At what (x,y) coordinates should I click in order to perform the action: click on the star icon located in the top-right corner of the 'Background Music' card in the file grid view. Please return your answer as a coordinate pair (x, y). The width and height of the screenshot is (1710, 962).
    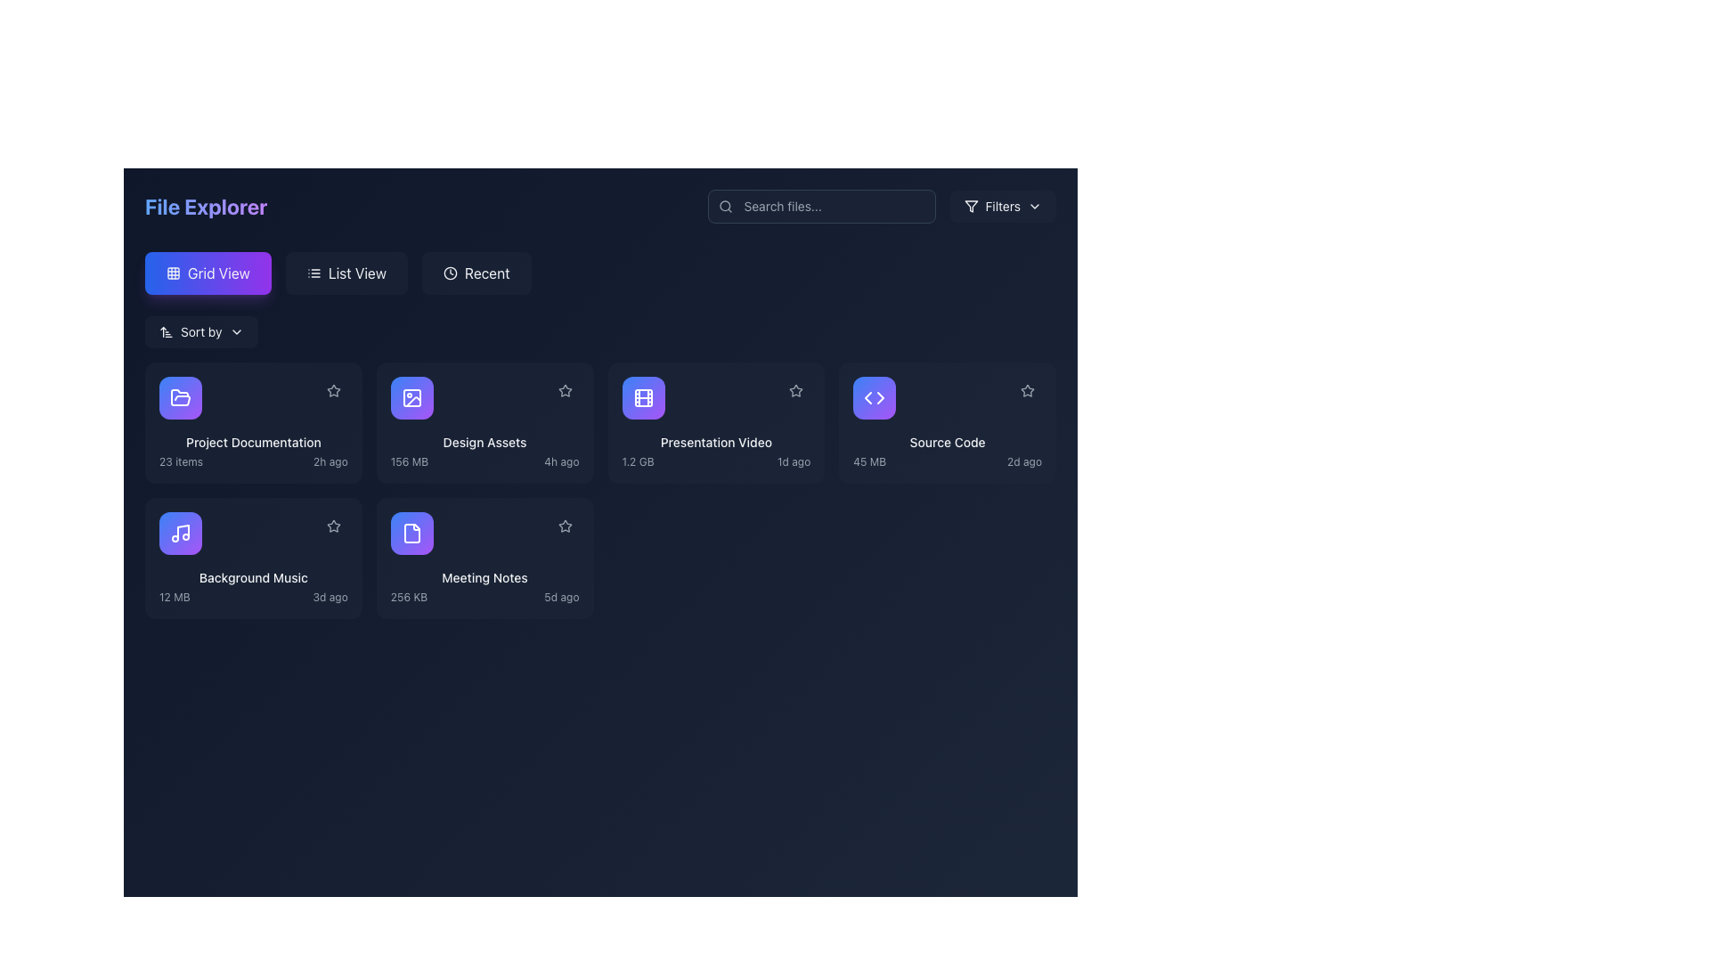
    Looking at the image, I should click on (333, 525).